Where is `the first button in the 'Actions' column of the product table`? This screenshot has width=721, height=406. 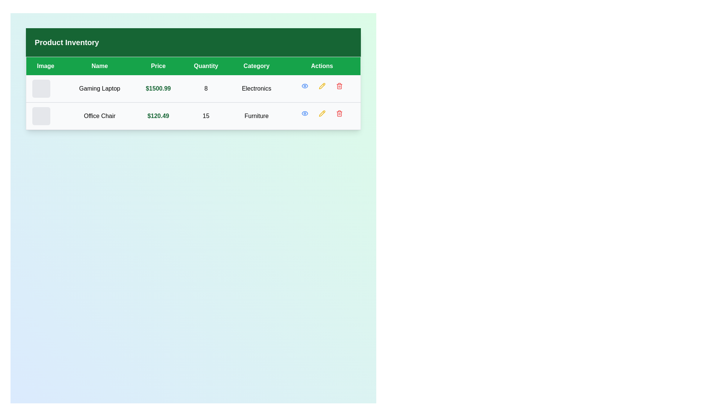 the first button in the 'Actions' column of the product table is located at coordinates (305, 113).